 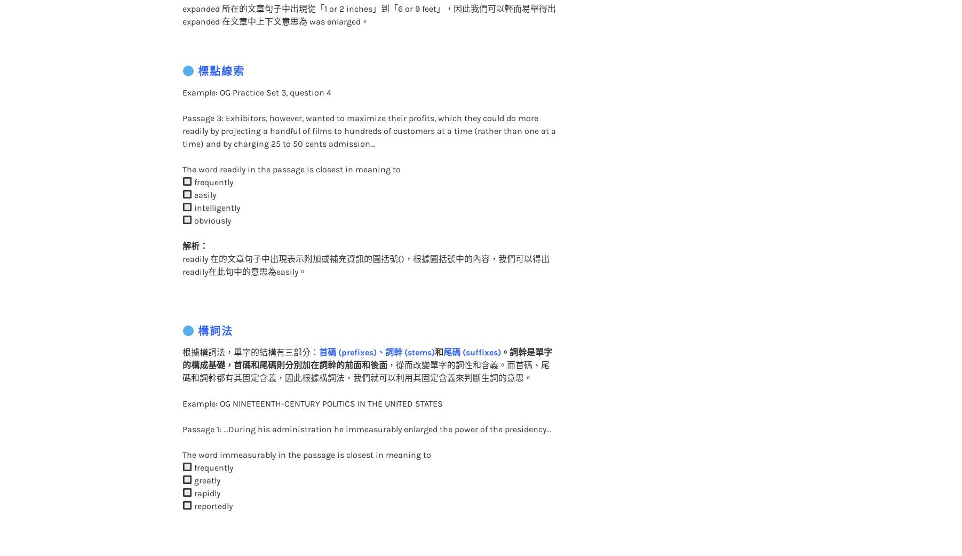 I want to click on 'Passage 1: …During his administration he immeasurably enlarged the power of the presidency…', so click(x=365, y=407).